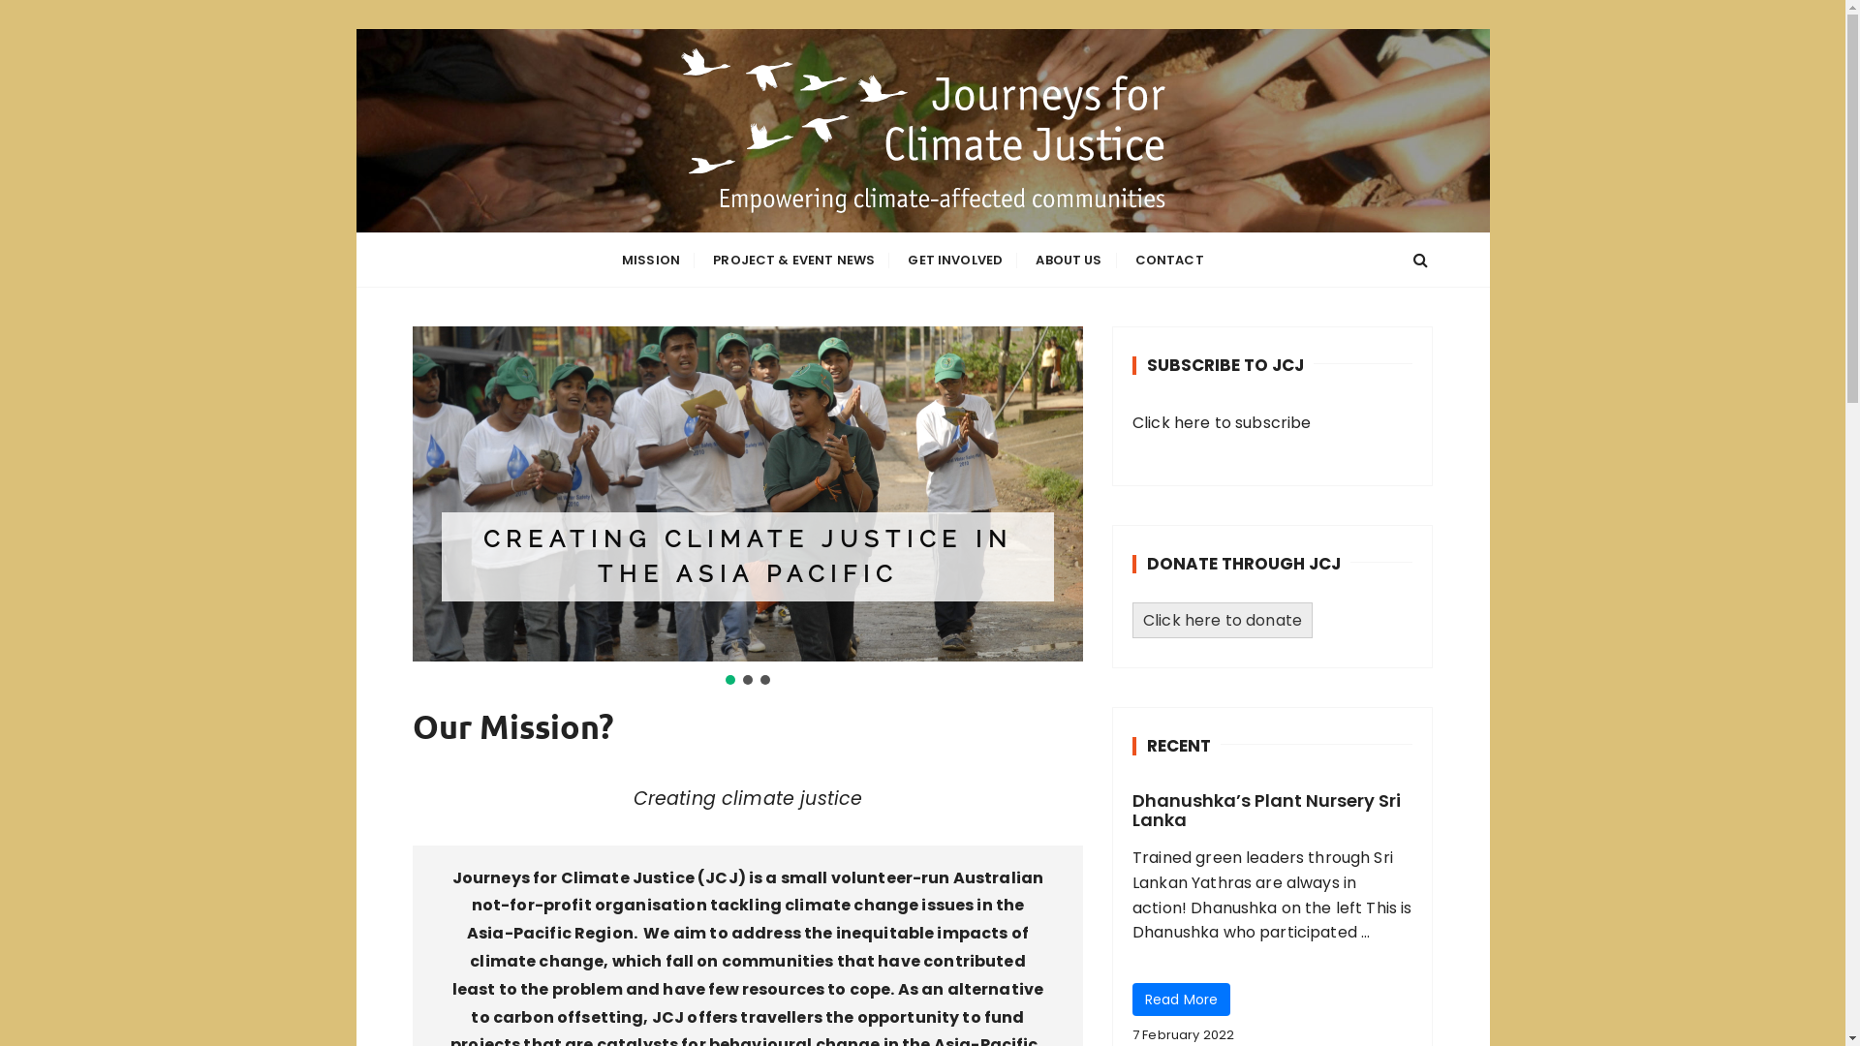 The height and width of the screenshot is (1046, 1860). What do you see at coordinates (1168, 259) in the screenshot?
I see `'CONTACT'` at bounding box center [1168, 259].